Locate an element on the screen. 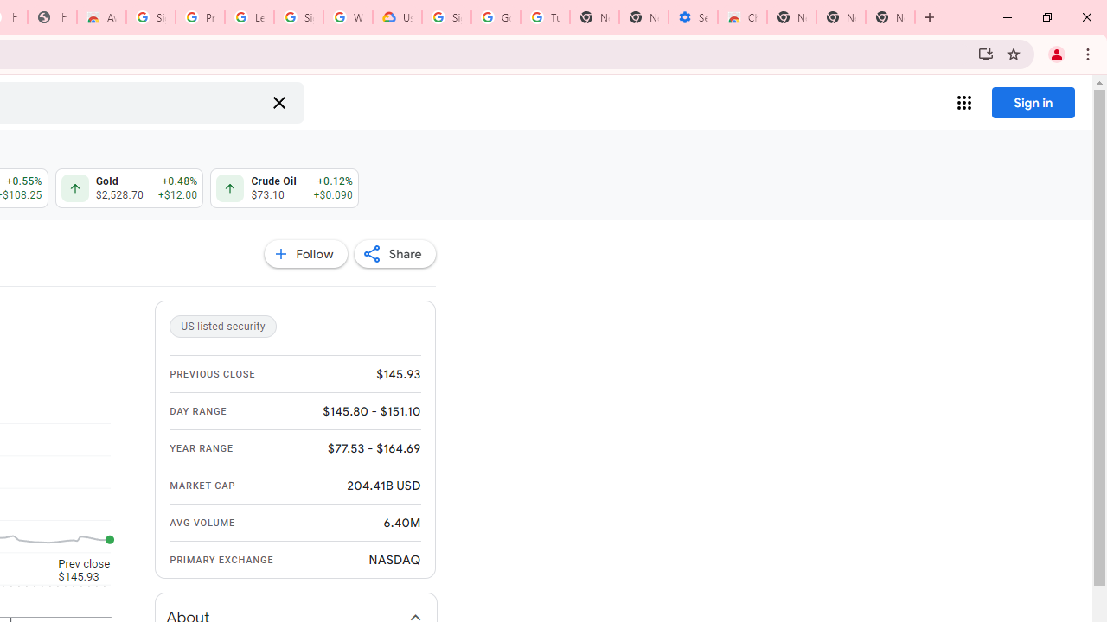  'New Tab' is located at coordinates (929, 17).